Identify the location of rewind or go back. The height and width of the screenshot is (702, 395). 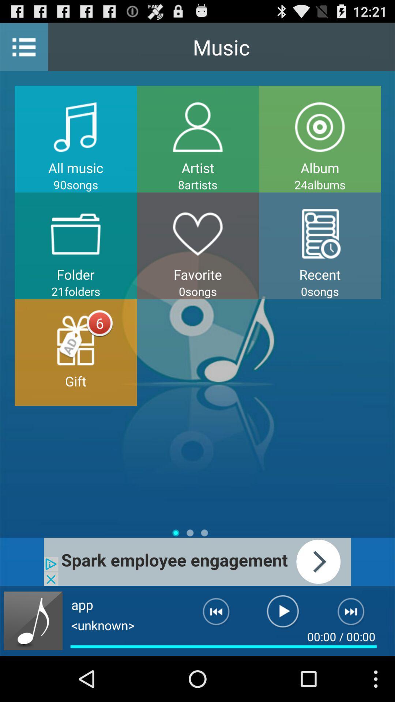
(210, 614).